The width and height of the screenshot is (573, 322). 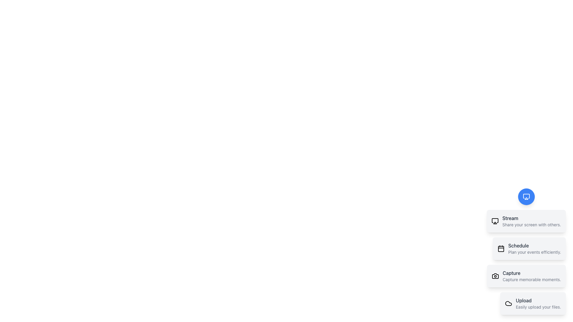 What do you see at coordinates (526, 276) in the screenshot?
I see `the 'Capture' button, which is a rectangular card with a light gray background, rounded corners, and a shadow effect, featuring a bold title 'Capture' in black font and a descriptive text 'Capture memorable moments.' below it` at bounding box center [526, 276].